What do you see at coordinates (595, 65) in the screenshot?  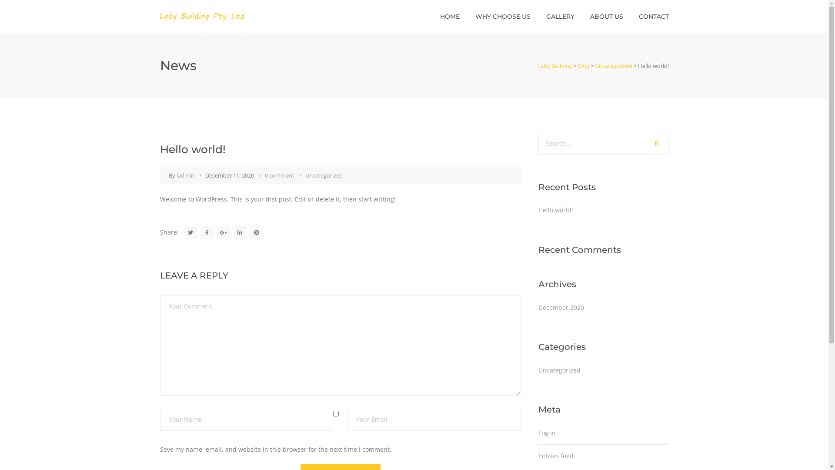 I see `'Uncategorized'` at bounding box center [595, 65].